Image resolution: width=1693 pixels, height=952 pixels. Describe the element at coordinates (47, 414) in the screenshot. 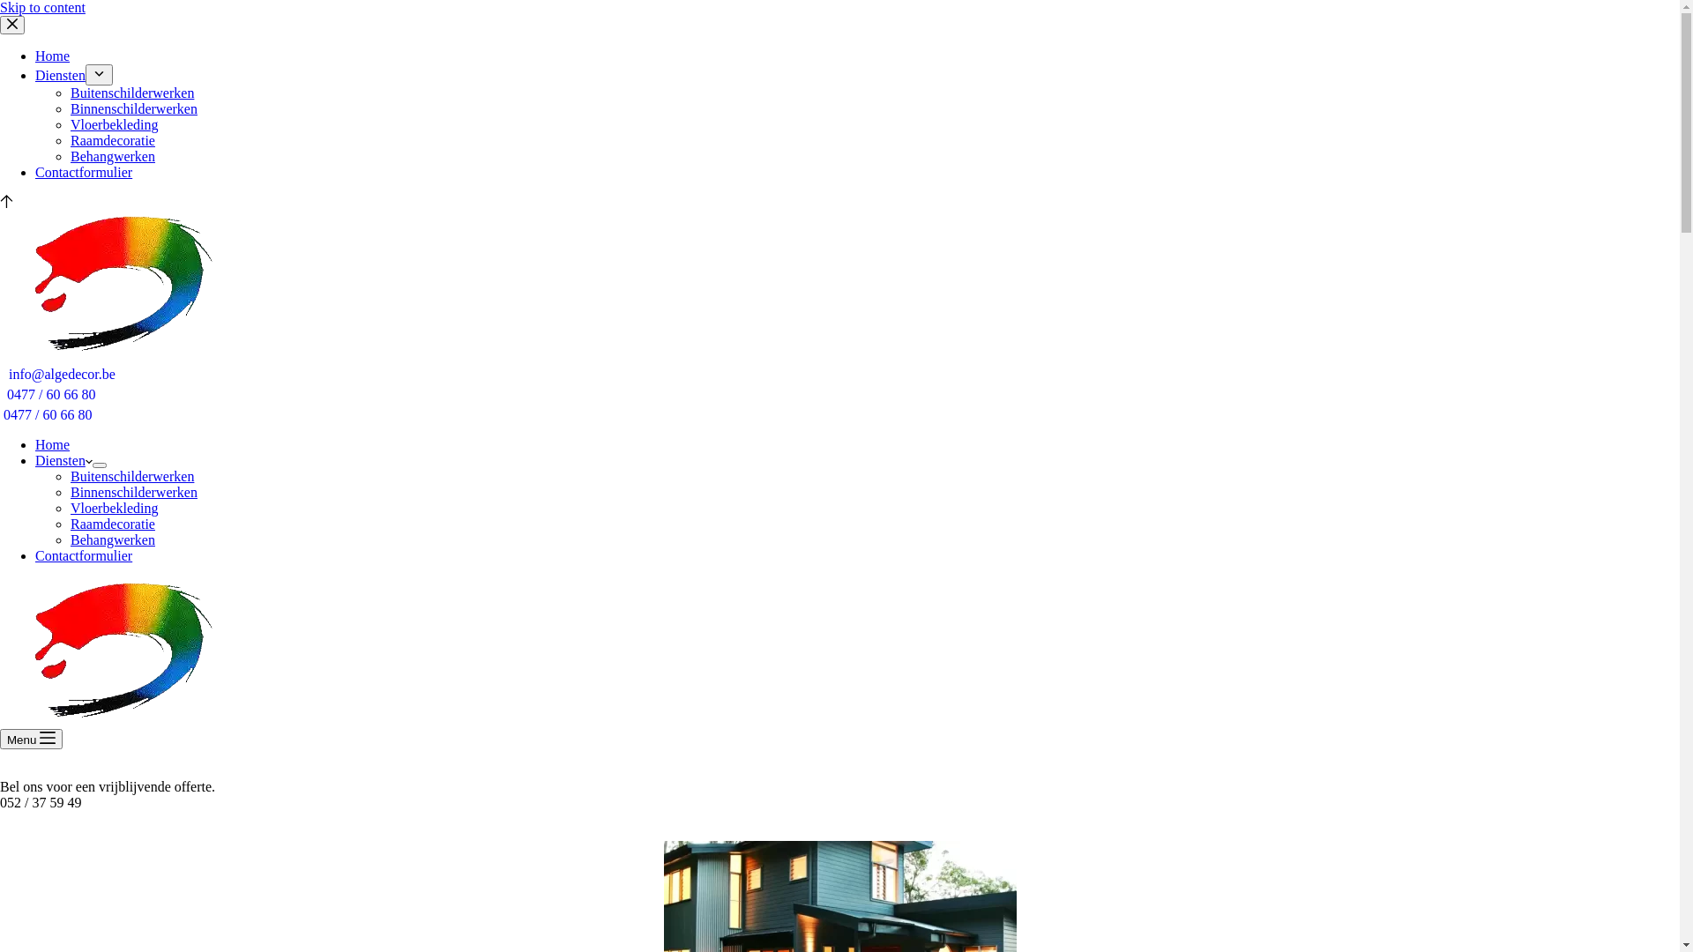

I see `'0477 / 60 66 80'` at that location.